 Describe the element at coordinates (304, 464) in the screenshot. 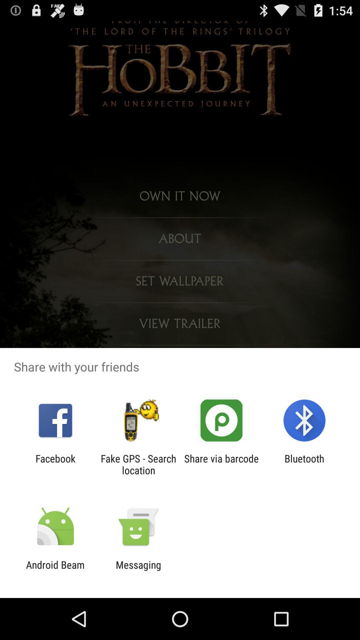

I see `item to the right of share via barcode item` at that location.